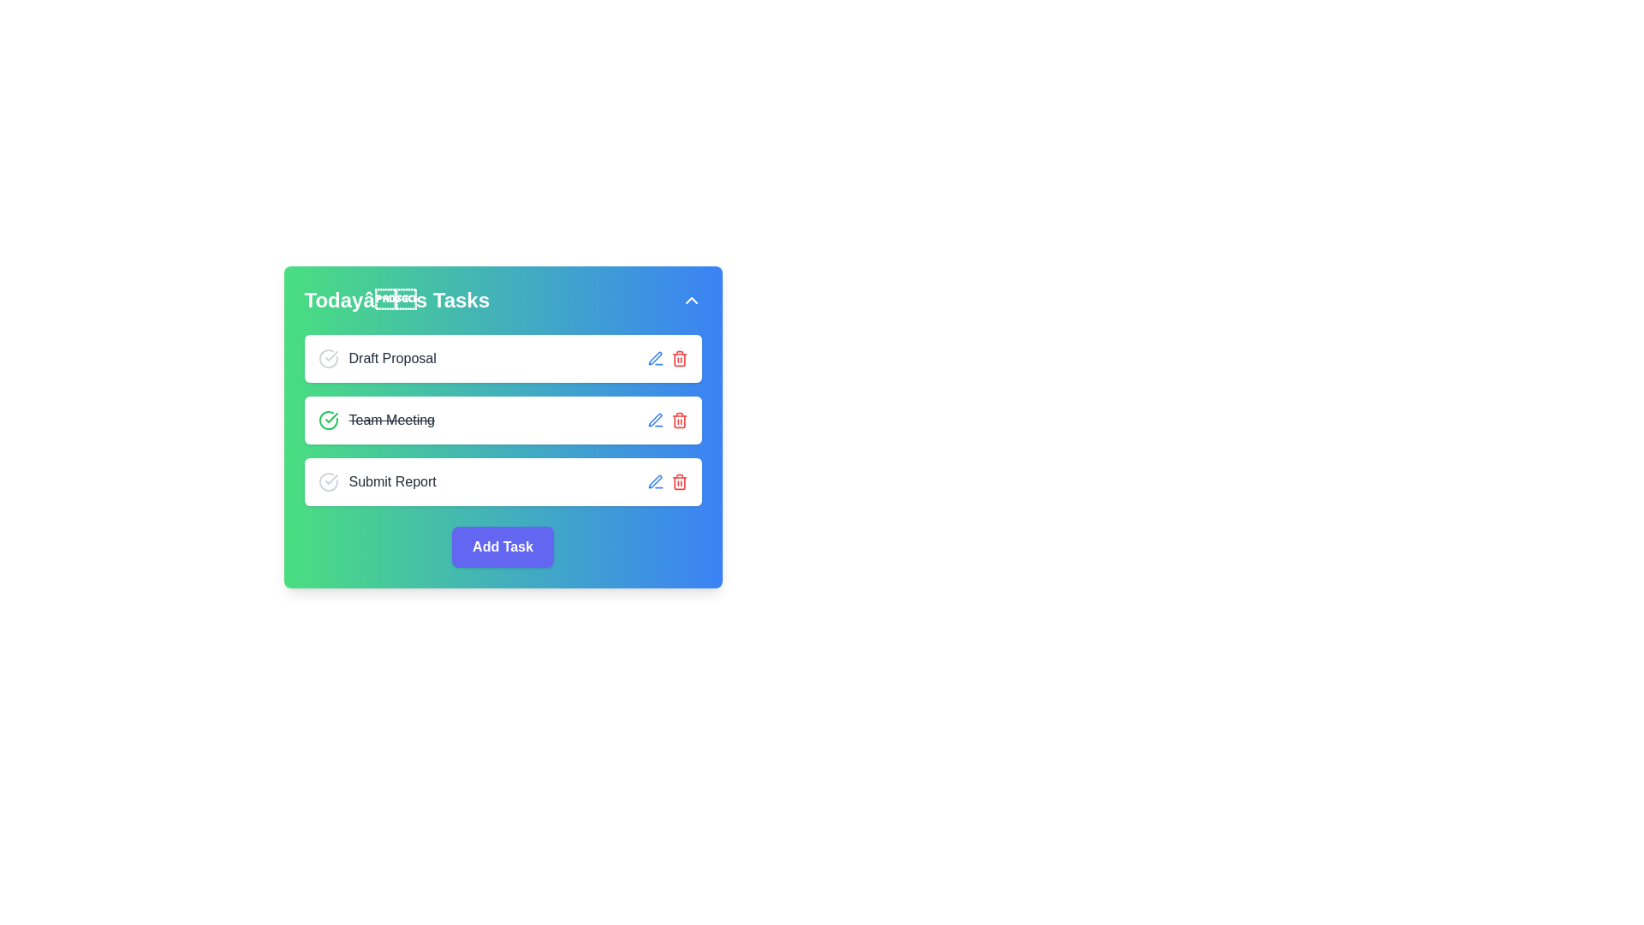  What do you see at coordinates (678, 420) in the screenshot?
I see `the delete icon button located on the right end of the second task row` at bounding box center [678, 420].